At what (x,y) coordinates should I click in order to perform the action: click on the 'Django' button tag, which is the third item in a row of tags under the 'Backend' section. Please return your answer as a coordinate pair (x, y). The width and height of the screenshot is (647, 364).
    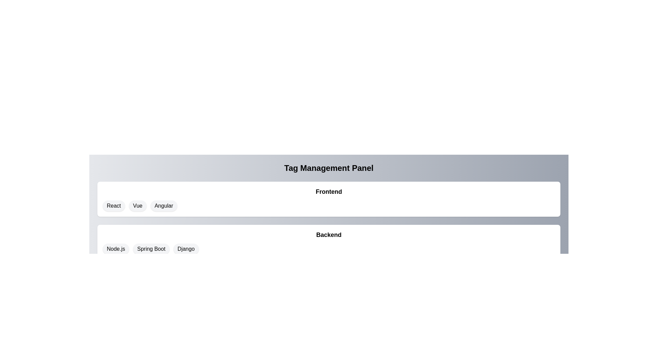
    Looking at the image, I should click on (186, 249).